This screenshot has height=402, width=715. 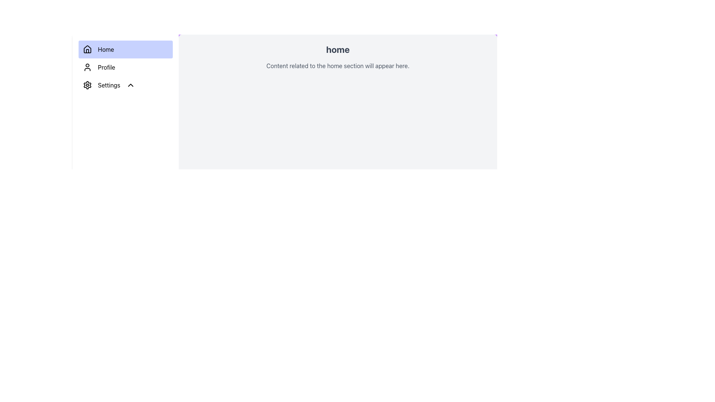 What do you see at coordinates (125, 67) in the screenshot?
I see `the 'Profile' menu item in the vertical navigation menu` at bounding box center [125, 67].